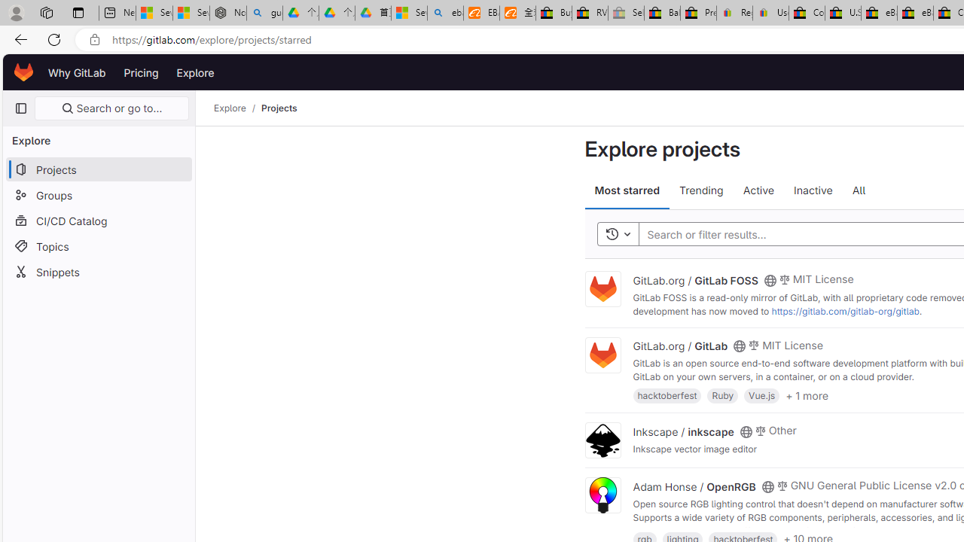  What do you see at coordinates (264, 13) in the screenshot?
I see `'guge yunpan - Search'` at bounding box center [264, 13].